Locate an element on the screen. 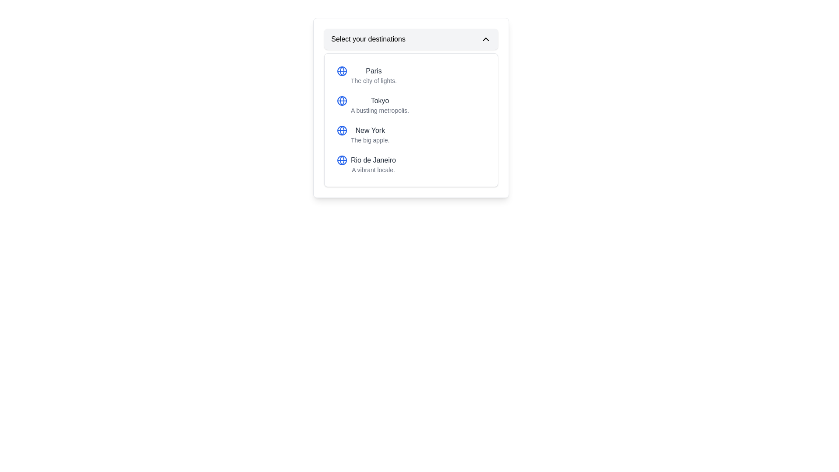 This screenshot has height=472, width=839. text element that says 'The city of lights.' located directly beneath the title 'Paris' in a smaller light gray font is located at coordinates (374, 81).